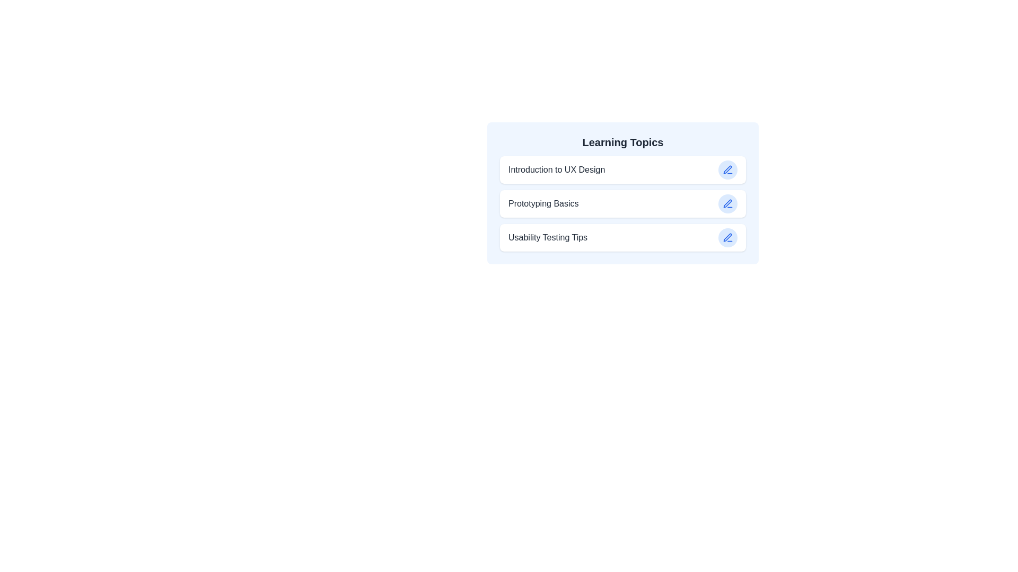  What do you see at coordinates (727, 204) in the screenshot?
I see `edit button next to the list item with the name Prototyping Basics` at bounding box center [727, 204].